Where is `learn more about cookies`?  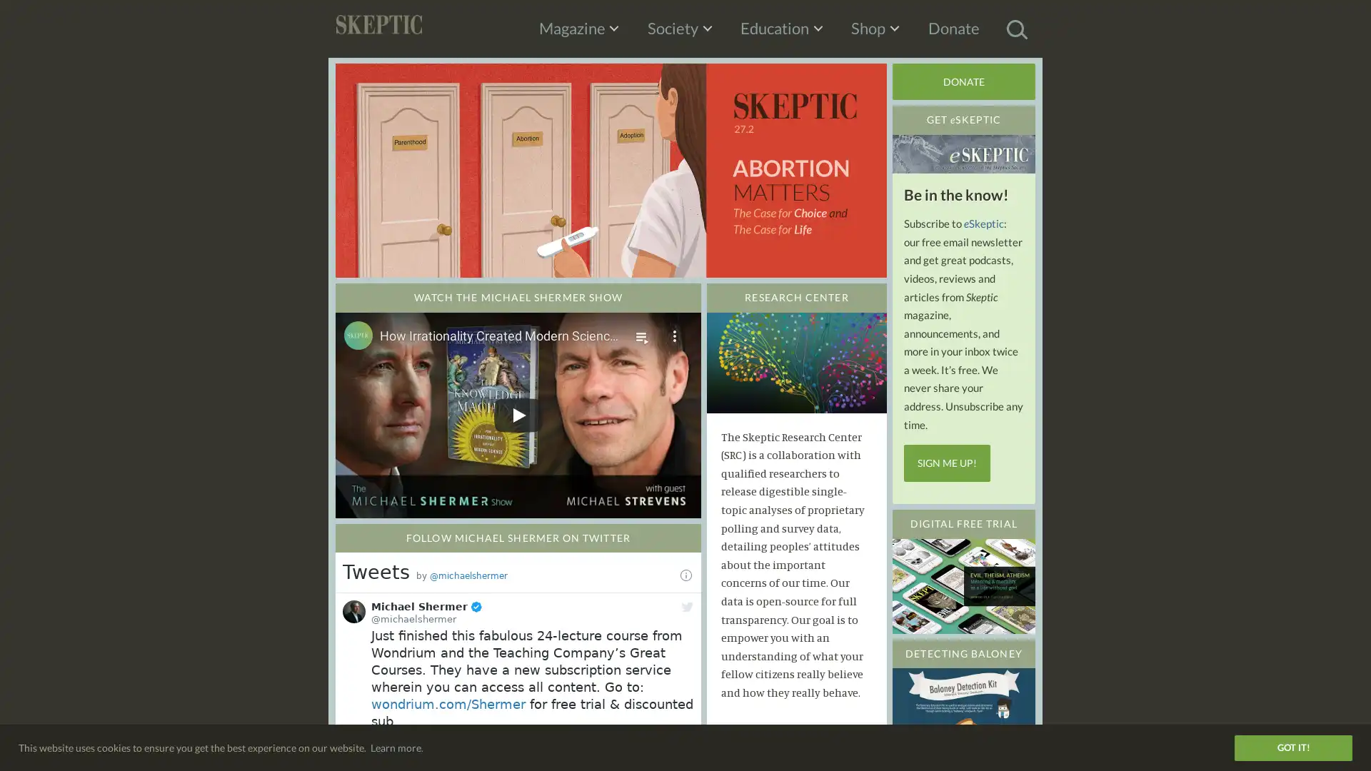
learn more about cookies is located at coordinates (396, 746).